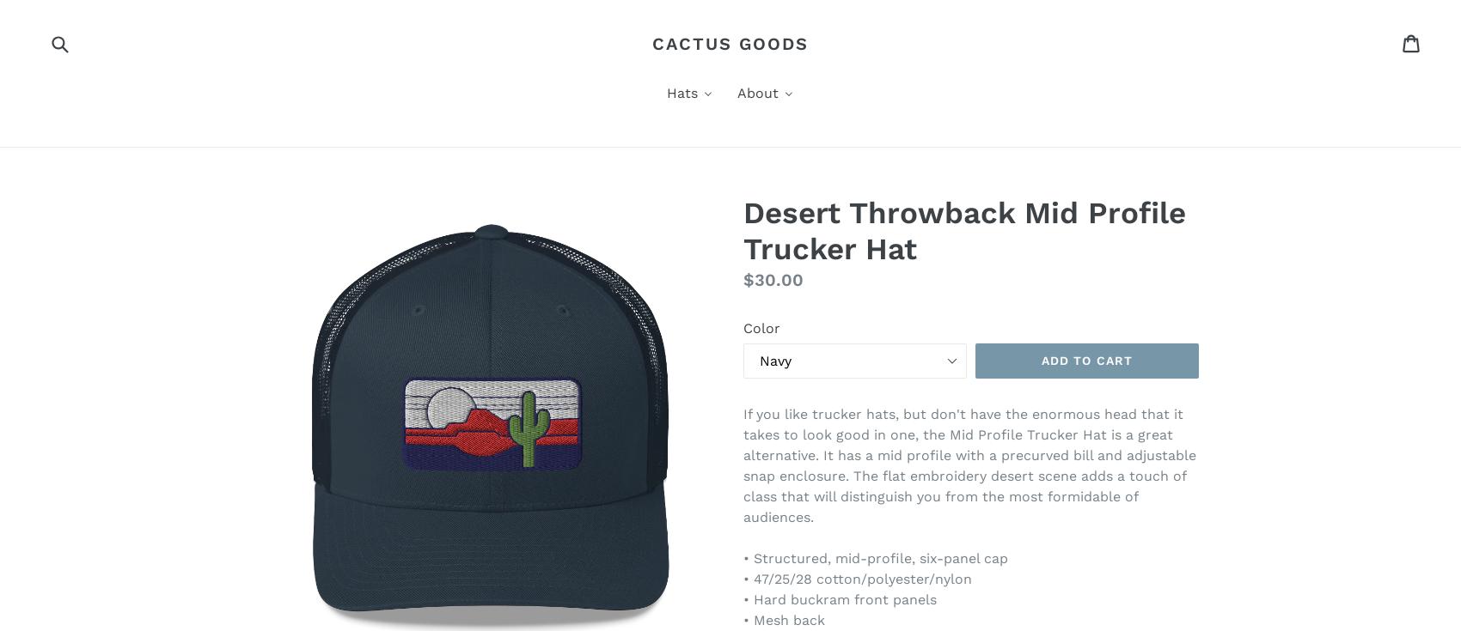 The image size is (1461, 631). I want to click on 'Hats', so click(682, 92).